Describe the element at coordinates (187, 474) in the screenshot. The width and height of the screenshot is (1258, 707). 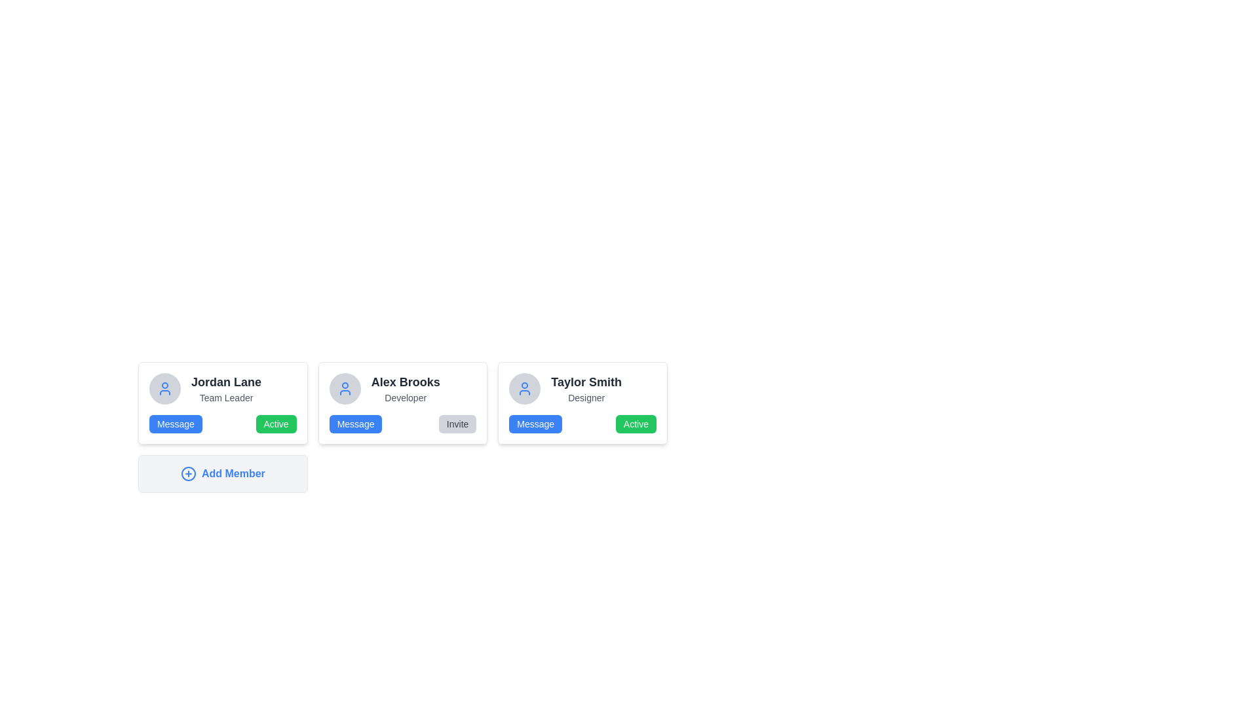
I see `the Decorative SVG circle that is part of the '+' icon, which is located beside the text 'Add Member', positioned near the bottom center of the interface` at that location.